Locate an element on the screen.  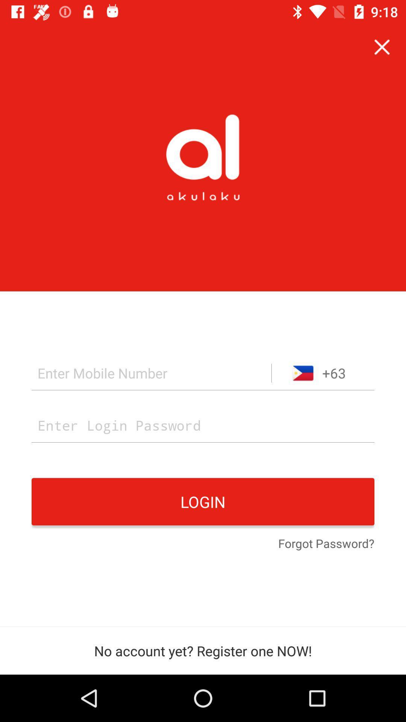
a slot to enter mobile number is located at coordinates (151, 373).